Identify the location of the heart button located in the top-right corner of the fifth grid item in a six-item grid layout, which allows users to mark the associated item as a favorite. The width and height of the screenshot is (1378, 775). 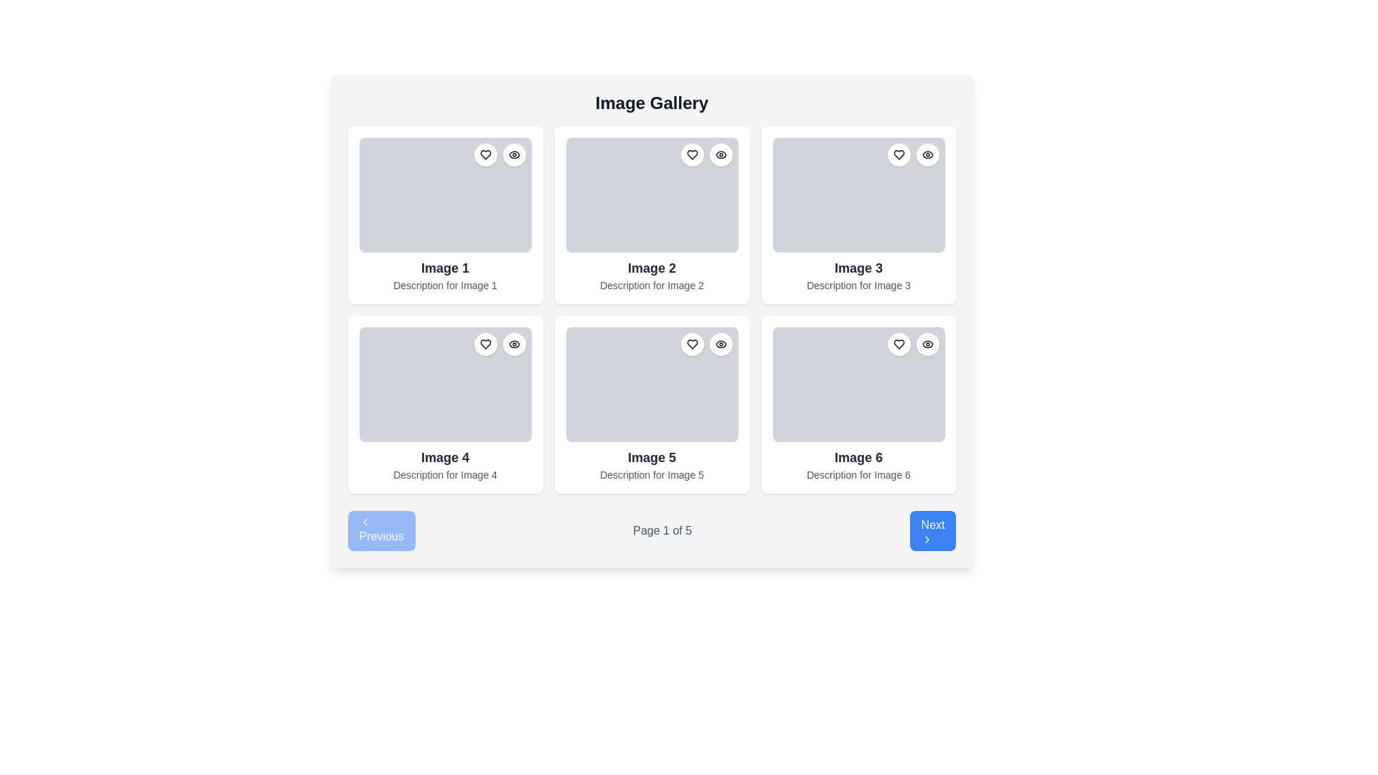
(706, 344).